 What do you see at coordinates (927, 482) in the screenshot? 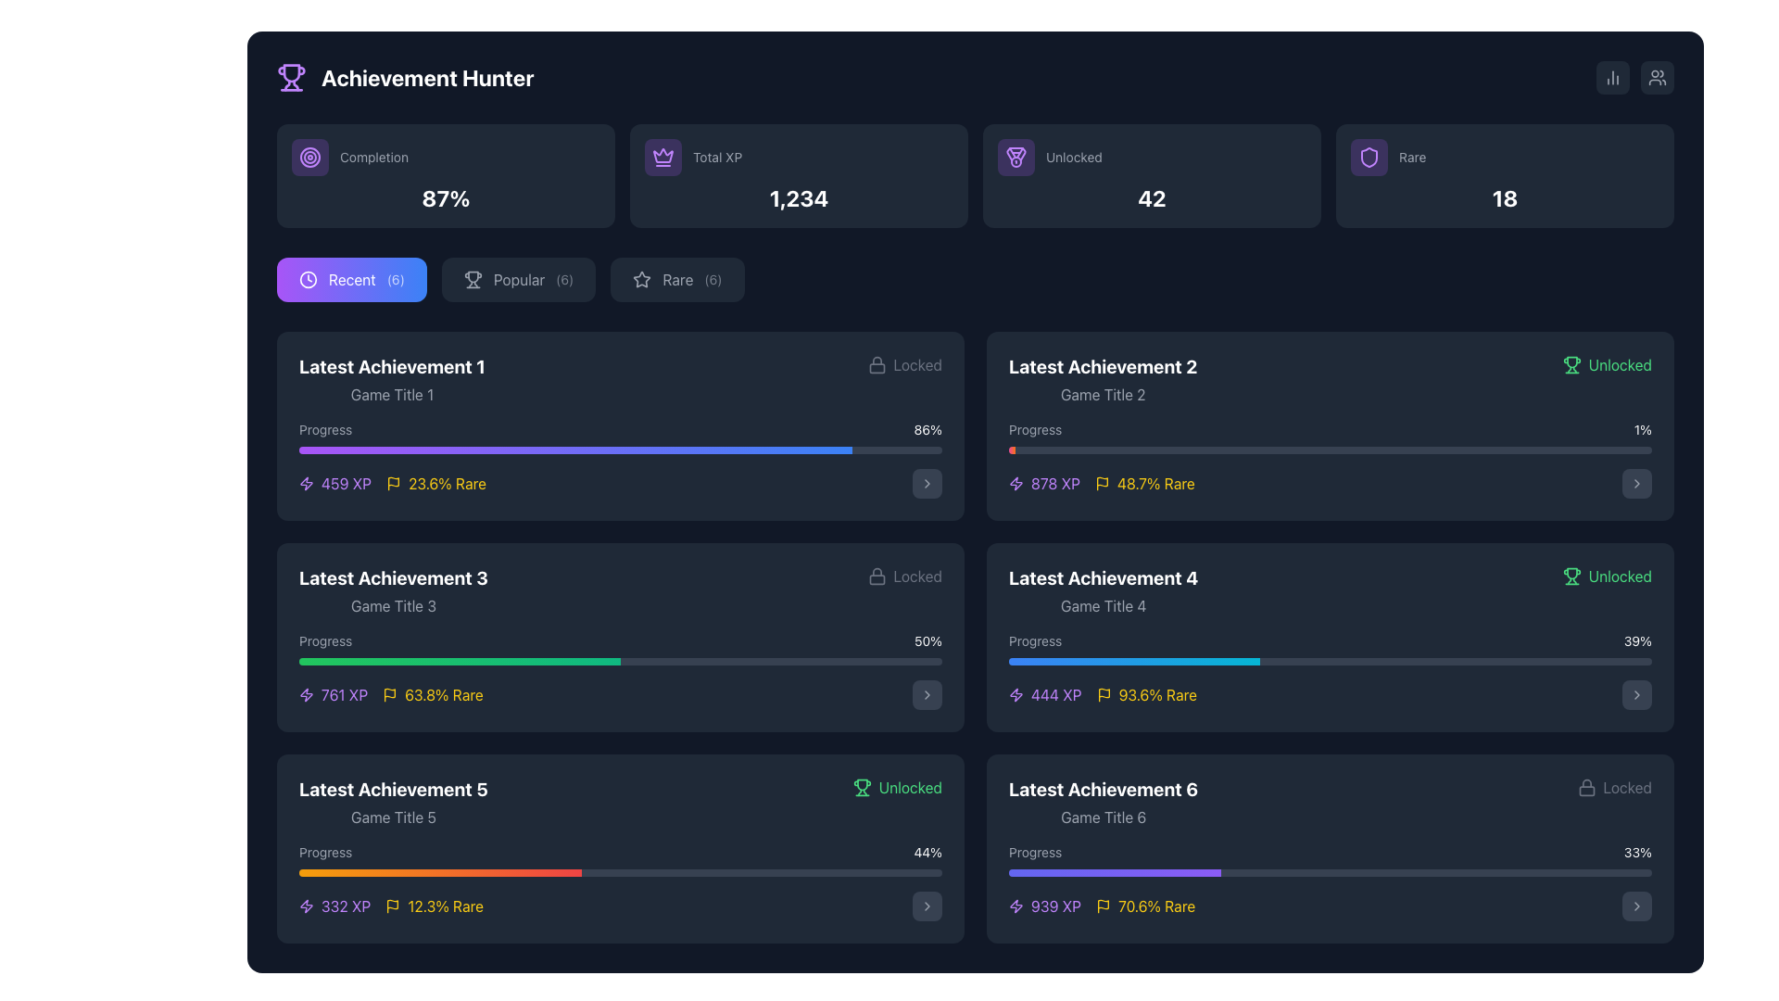
I see `the interactive button located at the far-right of the 'Latest Achievement 1' card to change its background color` at bounding box center [927, 482].